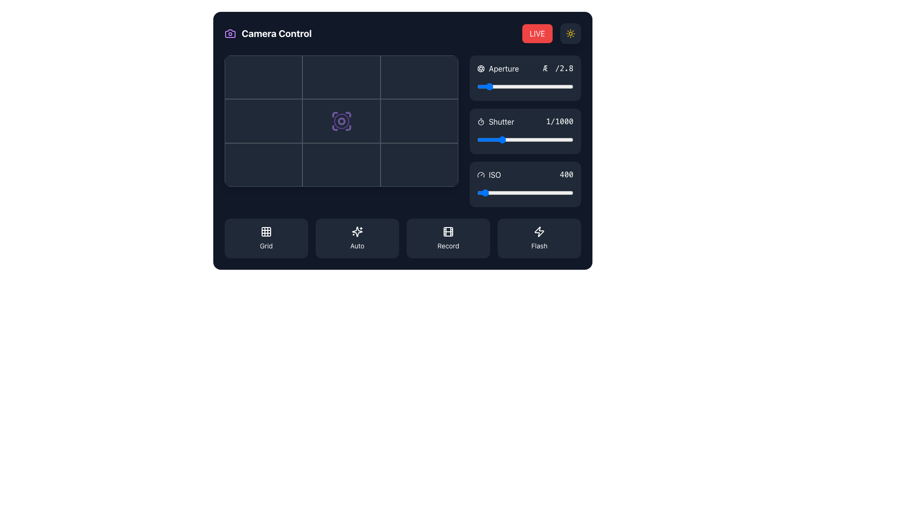 This screenshot has height=512, width=910. What do you see at coordinates (481, 175) in the screenshot?
I see `the small gauge icon located to the left of the 'ISO' text in the control component` at bounding box center [481, 175].